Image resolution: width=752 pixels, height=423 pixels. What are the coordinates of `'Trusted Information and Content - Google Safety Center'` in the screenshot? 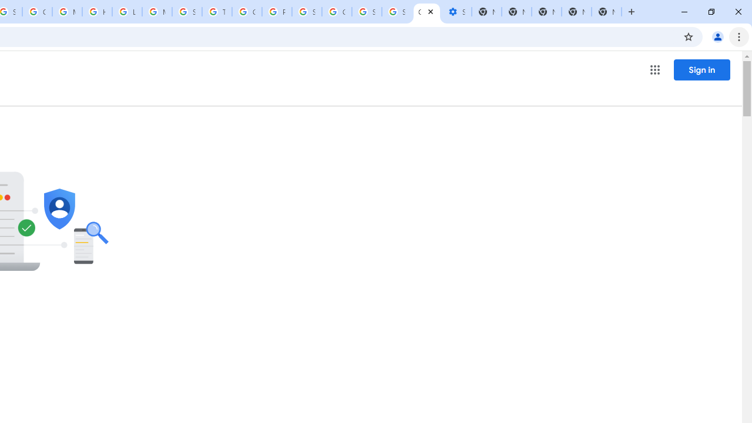 It's located at (217, 12).